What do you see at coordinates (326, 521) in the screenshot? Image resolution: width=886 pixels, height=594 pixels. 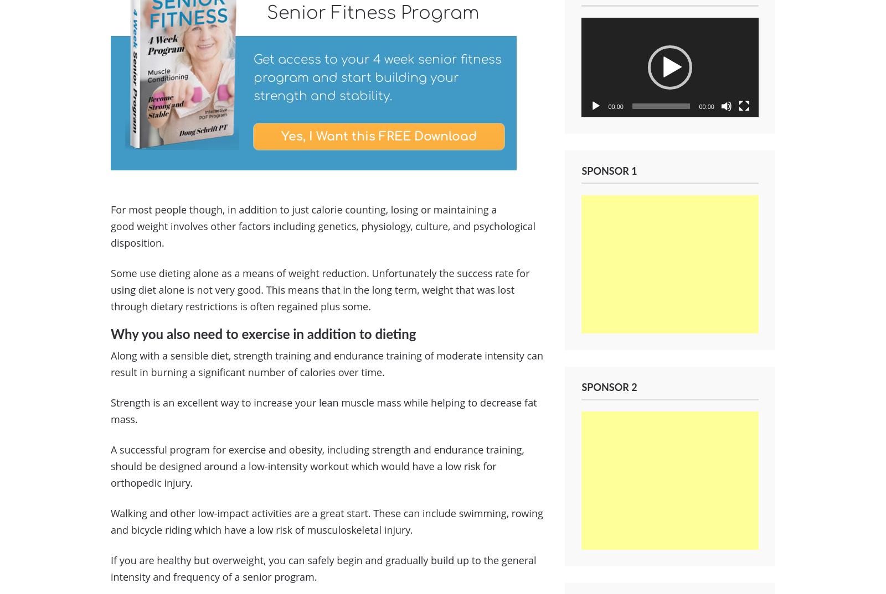 I see `'Walking and other low-impact activities are a great start. These can include swimming, rowing and bicycle riding which have a low risk of musculoskeletal injury.'` at bounding box center [326, 521].